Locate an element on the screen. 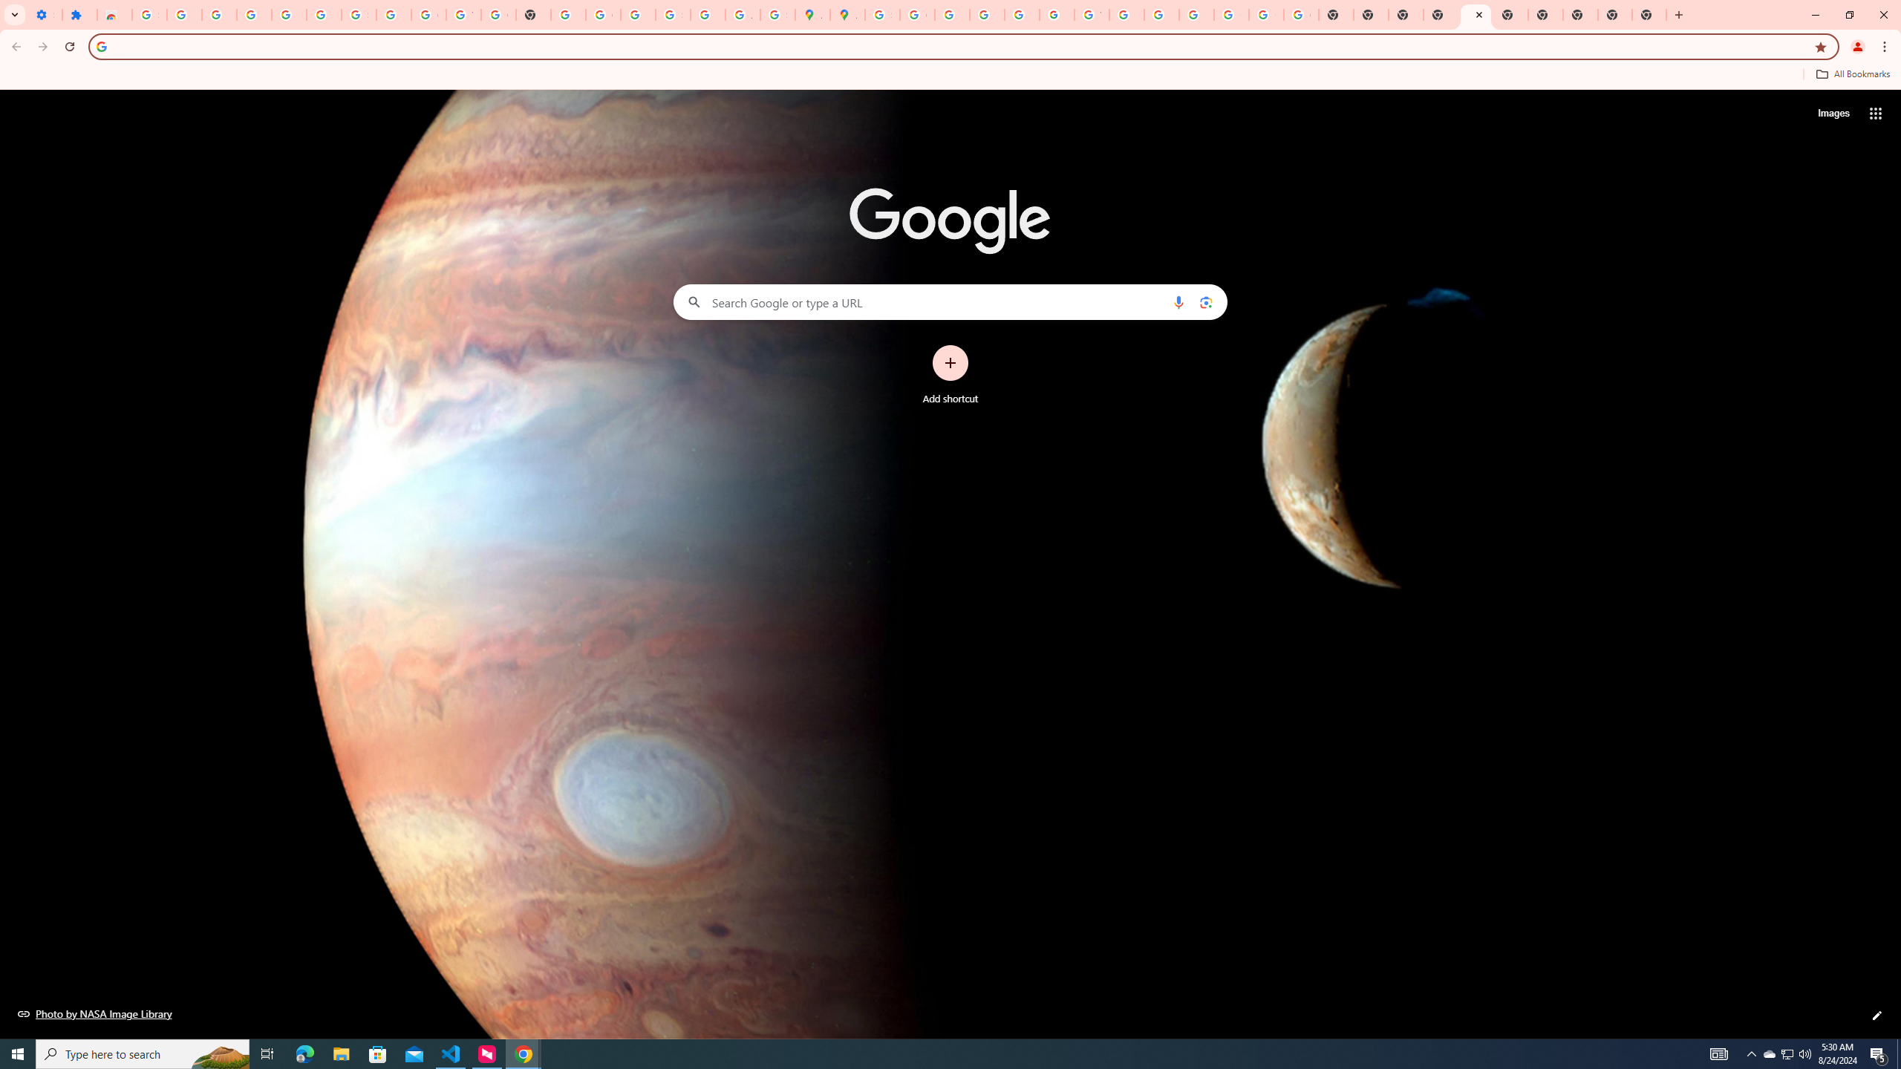 The image size is (1901, 1069). 'Customize this page' is located at coordinates (1876, 1015).